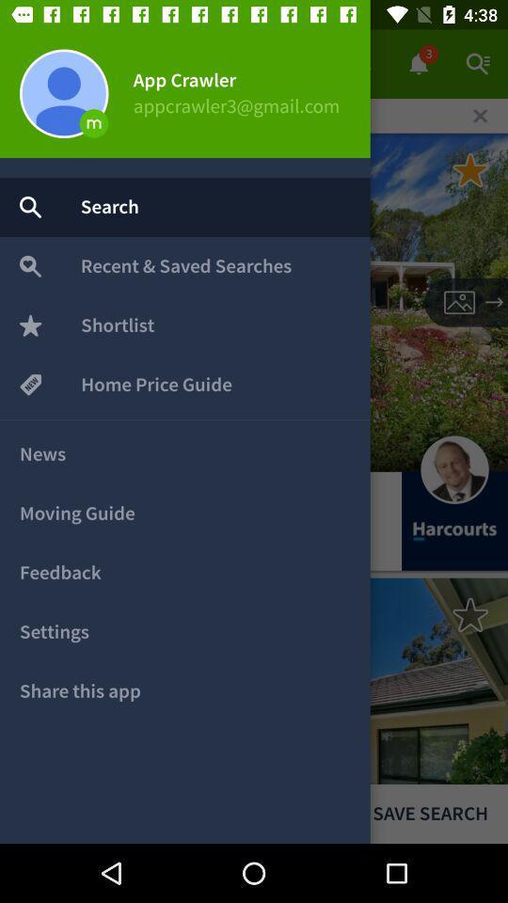 The image size is (508, 903). I want to click on the close icon, so click(480, 115).